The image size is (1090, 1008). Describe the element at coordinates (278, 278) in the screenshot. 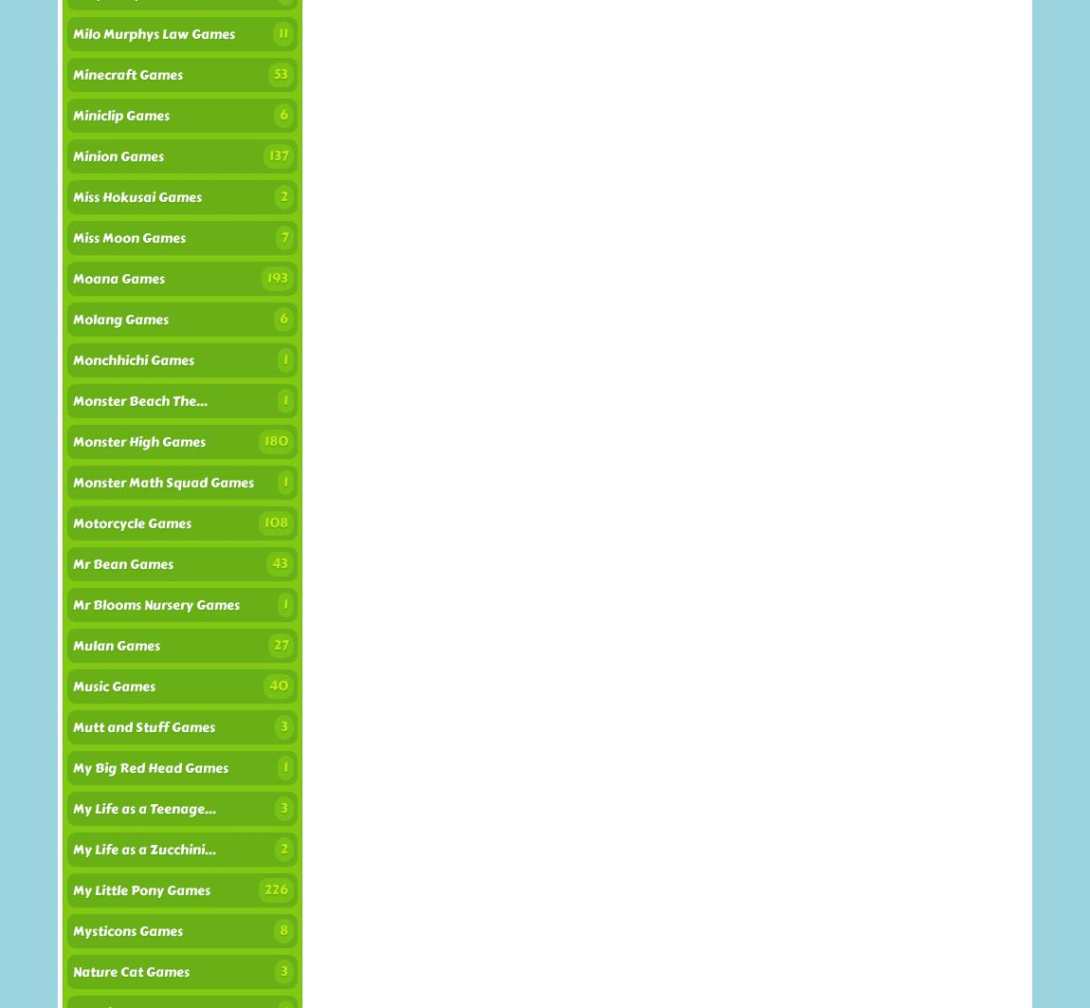

I see `'193'` at that location.